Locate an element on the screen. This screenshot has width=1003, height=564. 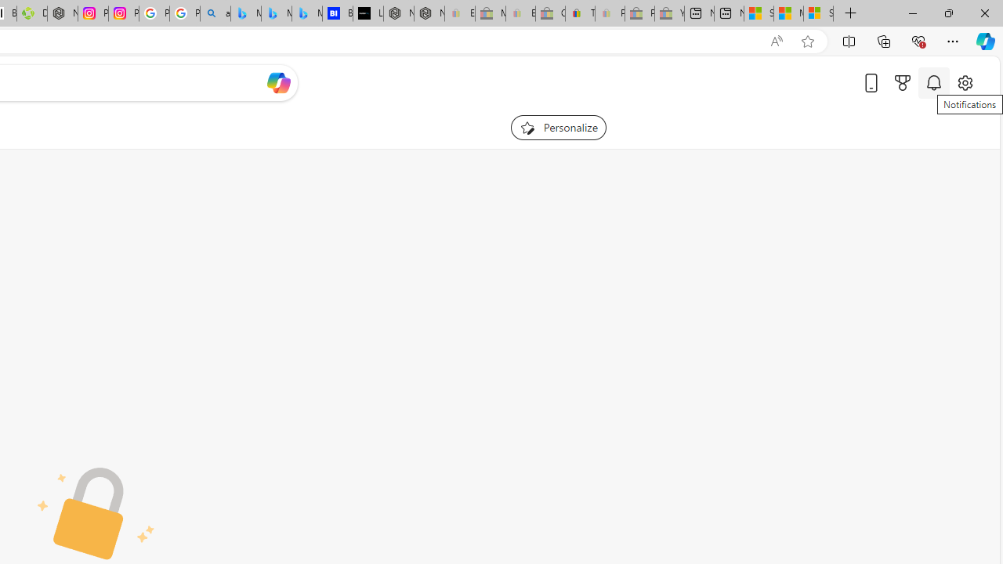
'Payments Terms of Use | eBay.com - Sleeping' is located at coordinates (609, 13).